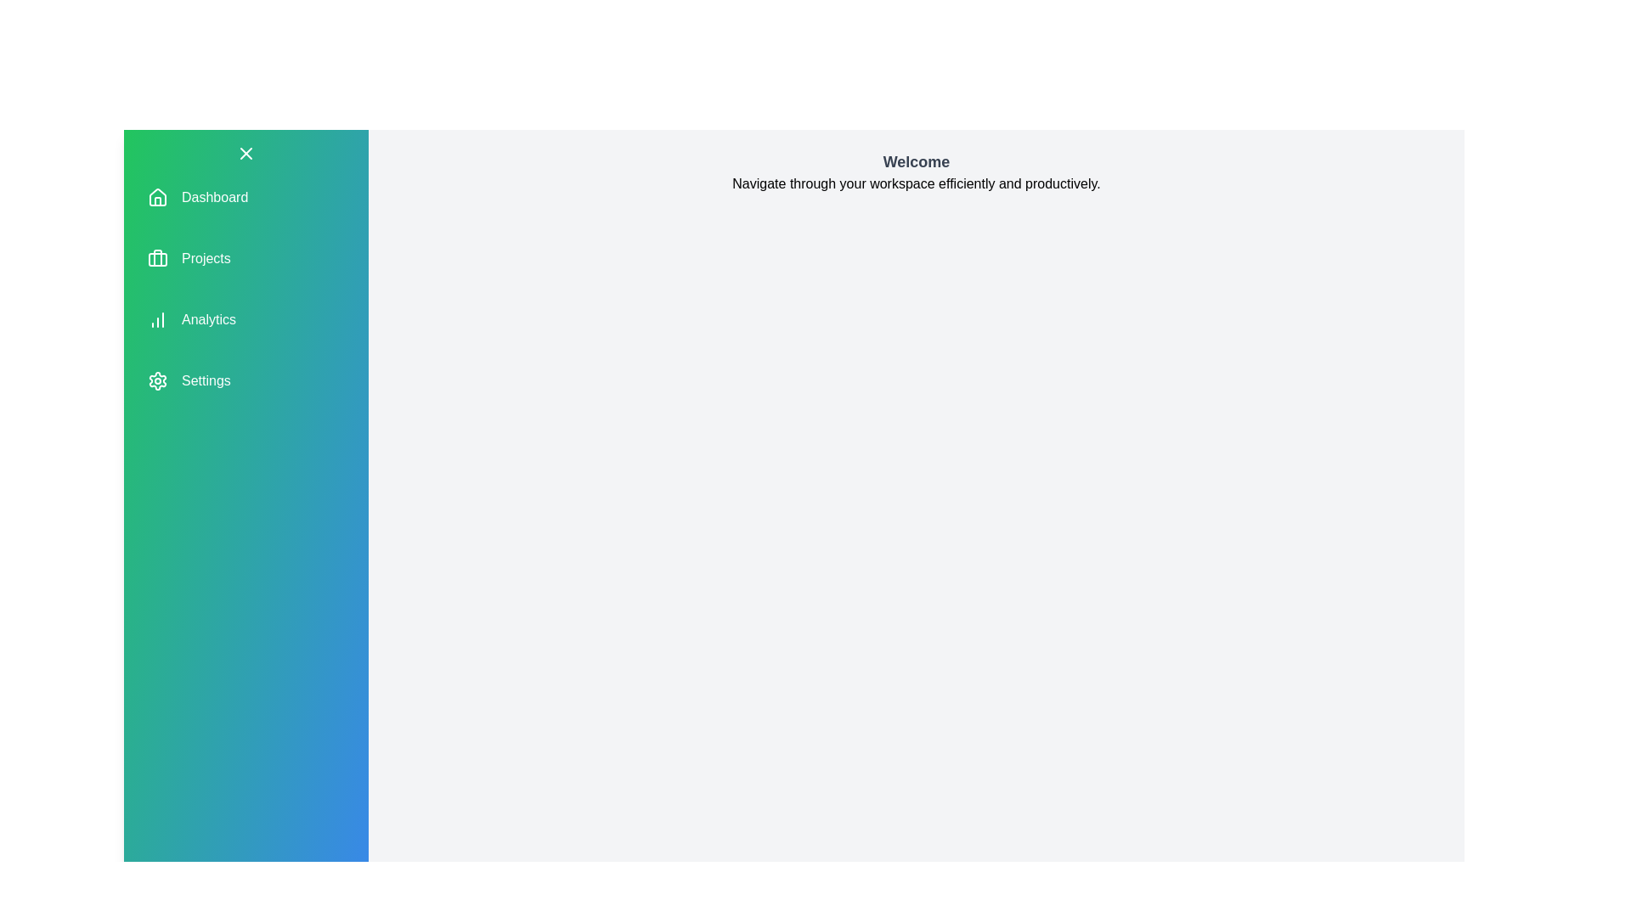 The height and width of the screenshot is (917, 1631). I want to click on the navigation item corresponding to Settings, so click(206, 380).